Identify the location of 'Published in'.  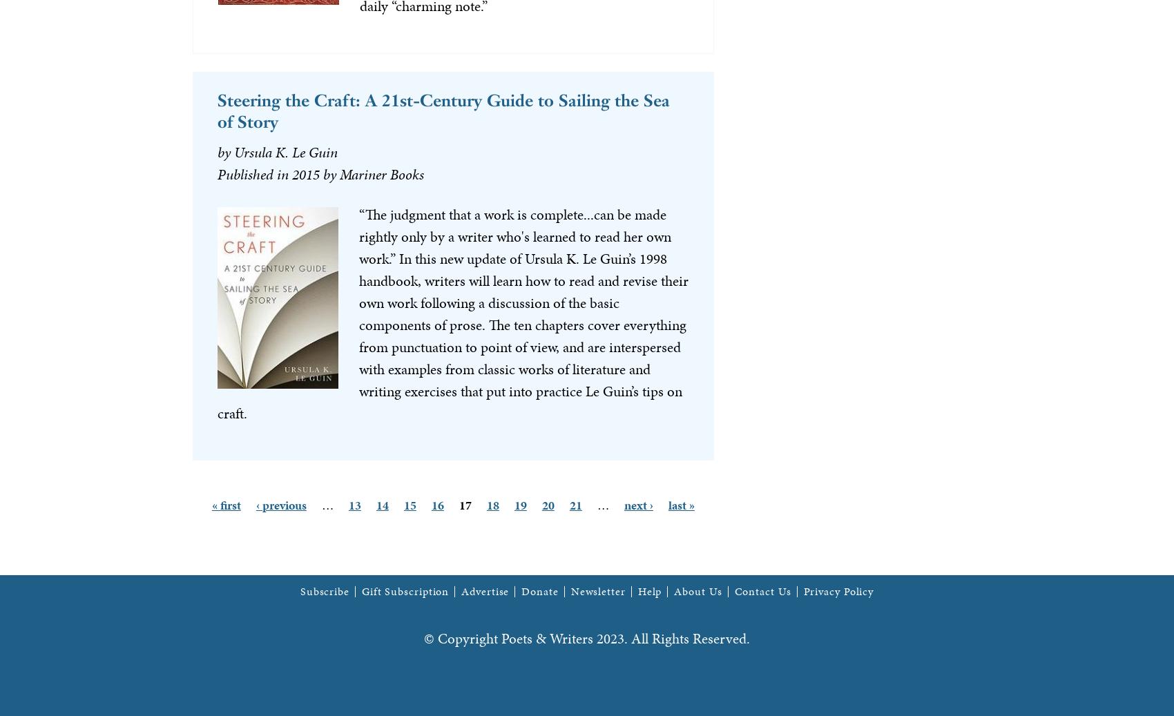
(253, 173).